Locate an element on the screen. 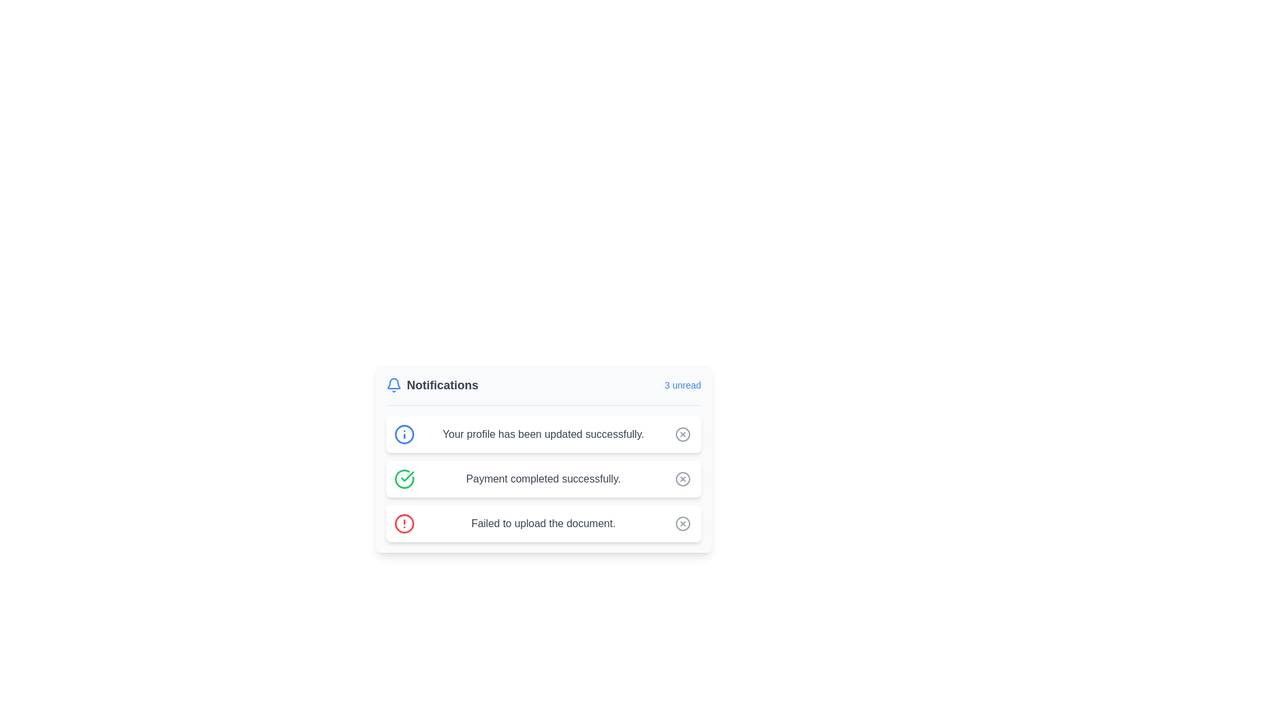 The height and width of the screenshot is (709, 1261). the payment completion icon located in the second notification item that indicates 'Payment completed successfully.' is located at coordinates (403, 479).